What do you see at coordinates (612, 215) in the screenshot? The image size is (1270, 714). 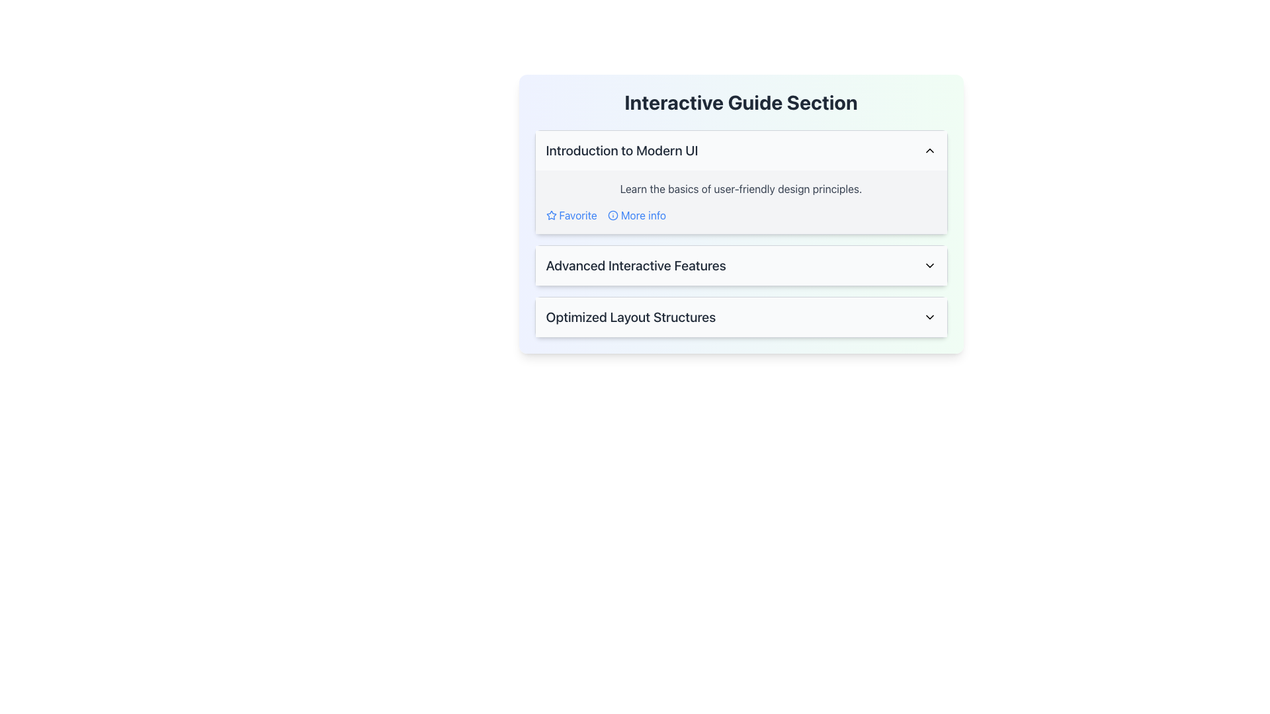 I see `the circular blue informational icon located to the left of the 'More info' text link in the 'Interactive Guide Section' box` at bounding box center [612, 215].